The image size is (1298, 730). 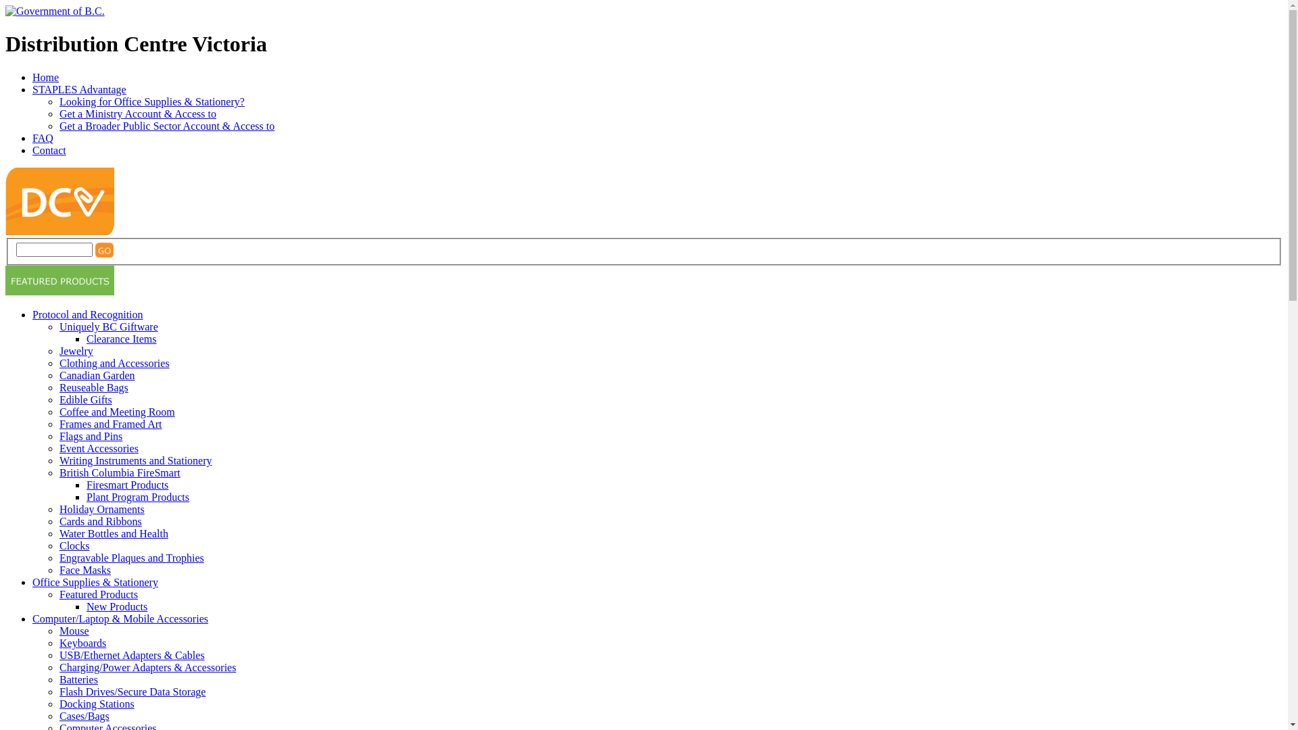 I want to click on 'Canadian Garden', so click(x=97, y=375).